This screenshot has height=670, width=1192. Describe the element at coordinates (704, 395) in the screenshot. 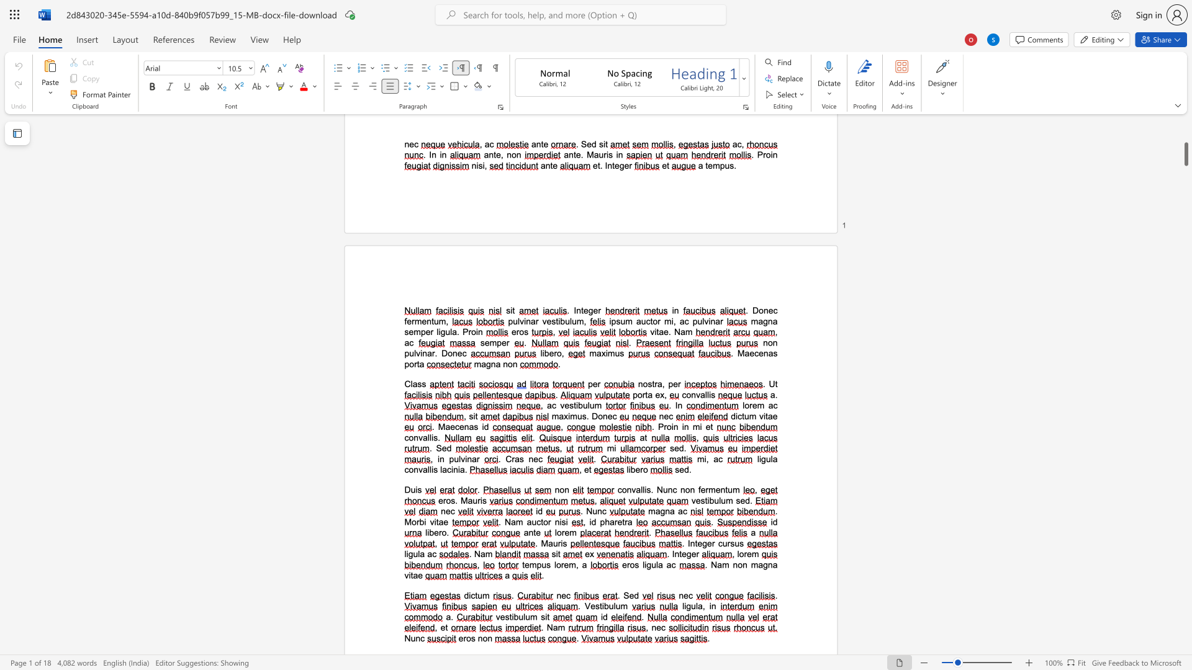

I see `the space between the continuous character "a" and "l" in the text` at that location.